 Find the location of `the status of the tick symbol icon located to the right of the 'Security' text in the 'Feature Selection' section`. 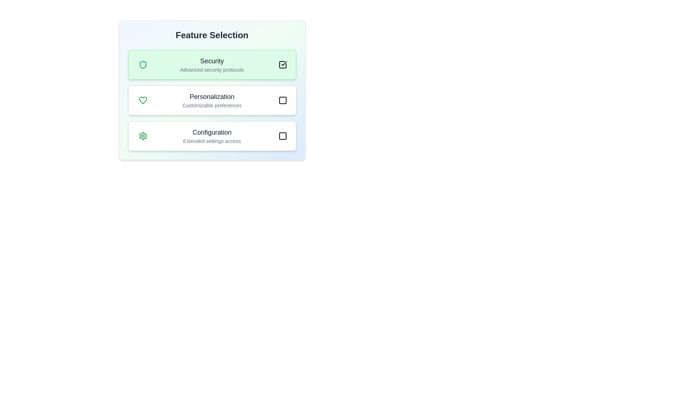

the status of the tick symbol icon located to the right of the 'Security' text in the 'Feature Selection' section is located at coordinates (282, 64).